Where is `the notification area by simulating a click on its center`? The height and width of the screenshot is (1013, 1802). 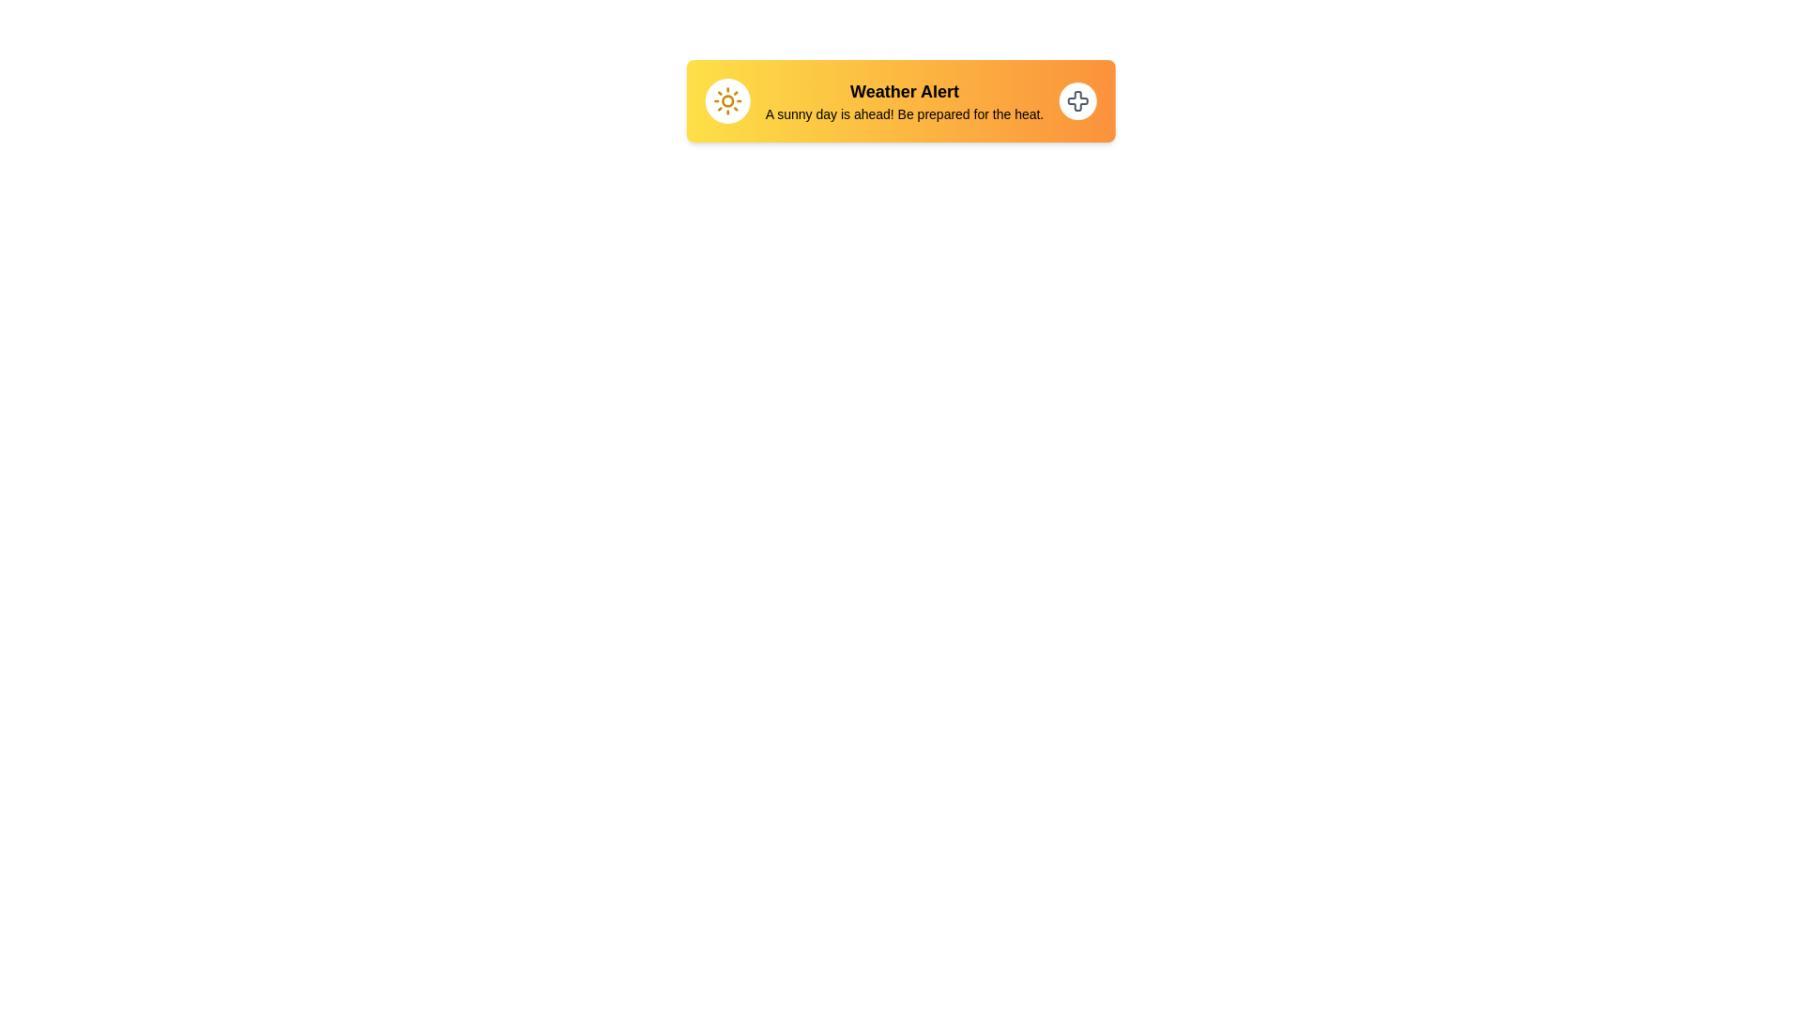
the notification area by simulating a click on its center is located at coordinates (901, 101).